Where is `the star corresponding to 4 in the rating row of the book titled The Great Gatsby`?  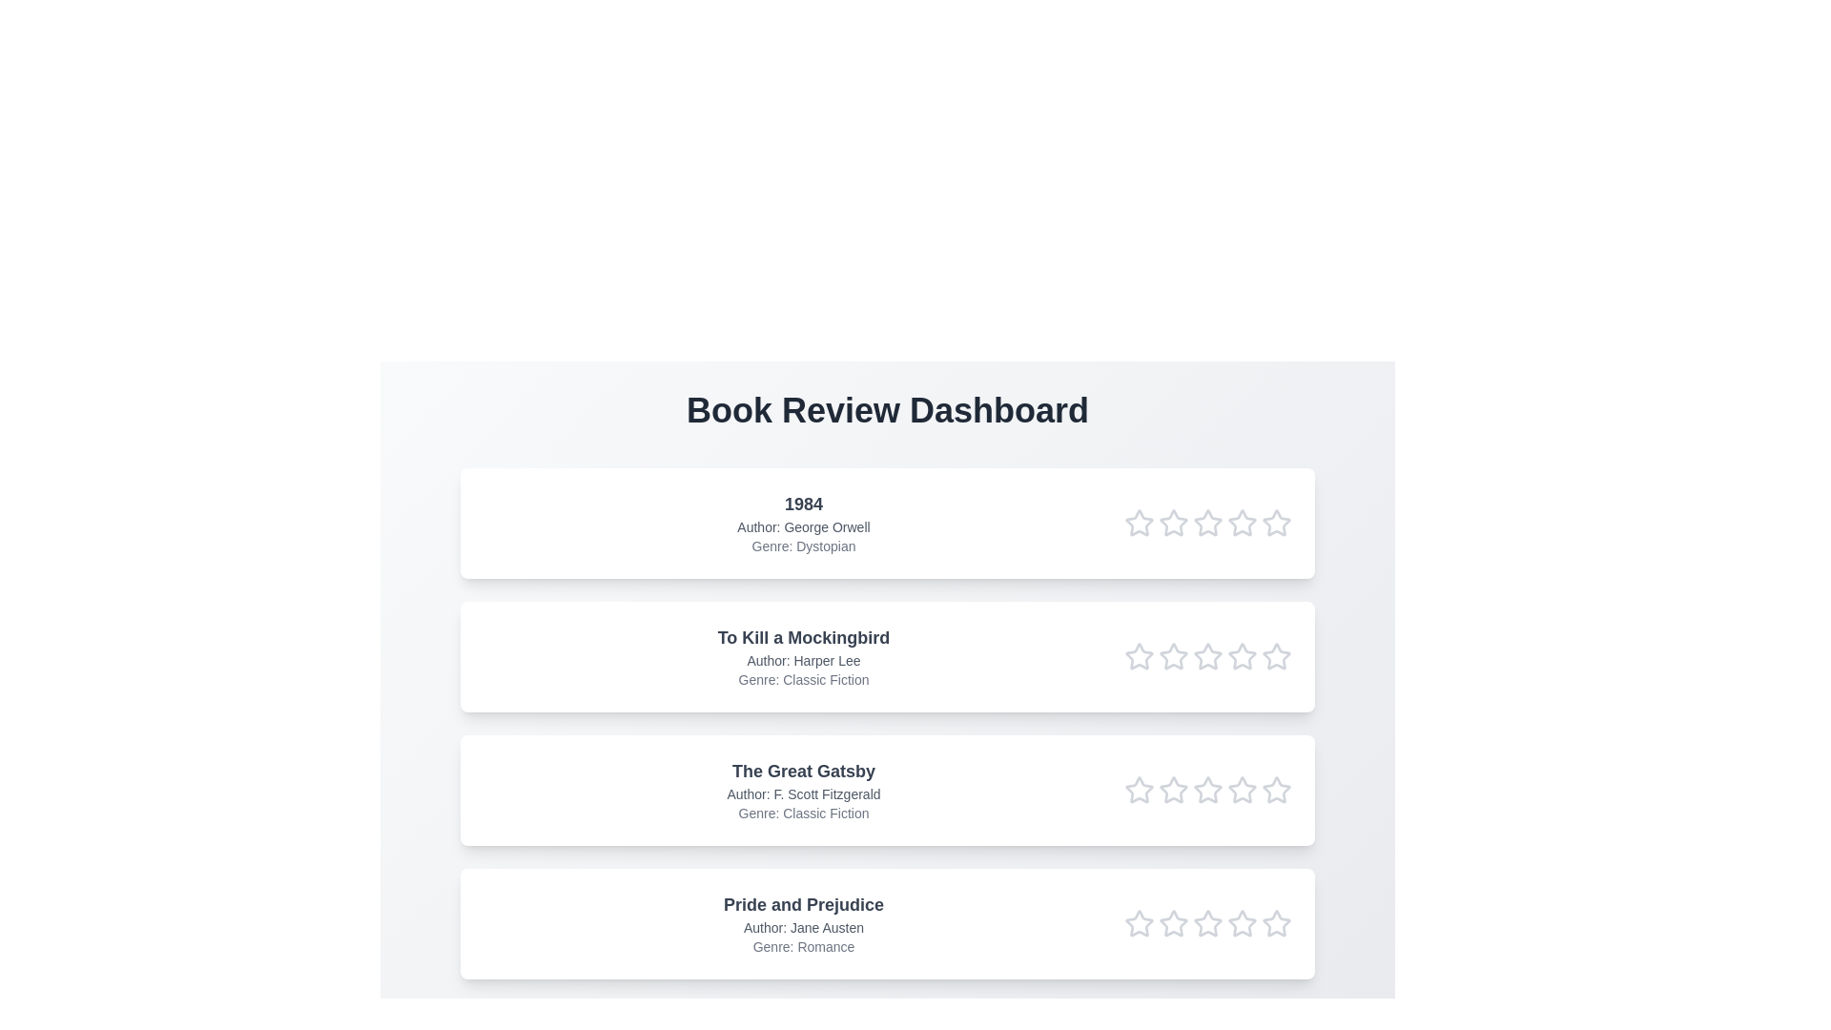
the star corresponding to 4 in the rating row of the book titled The Great Gatsby is located at coordinates (1242, 791).